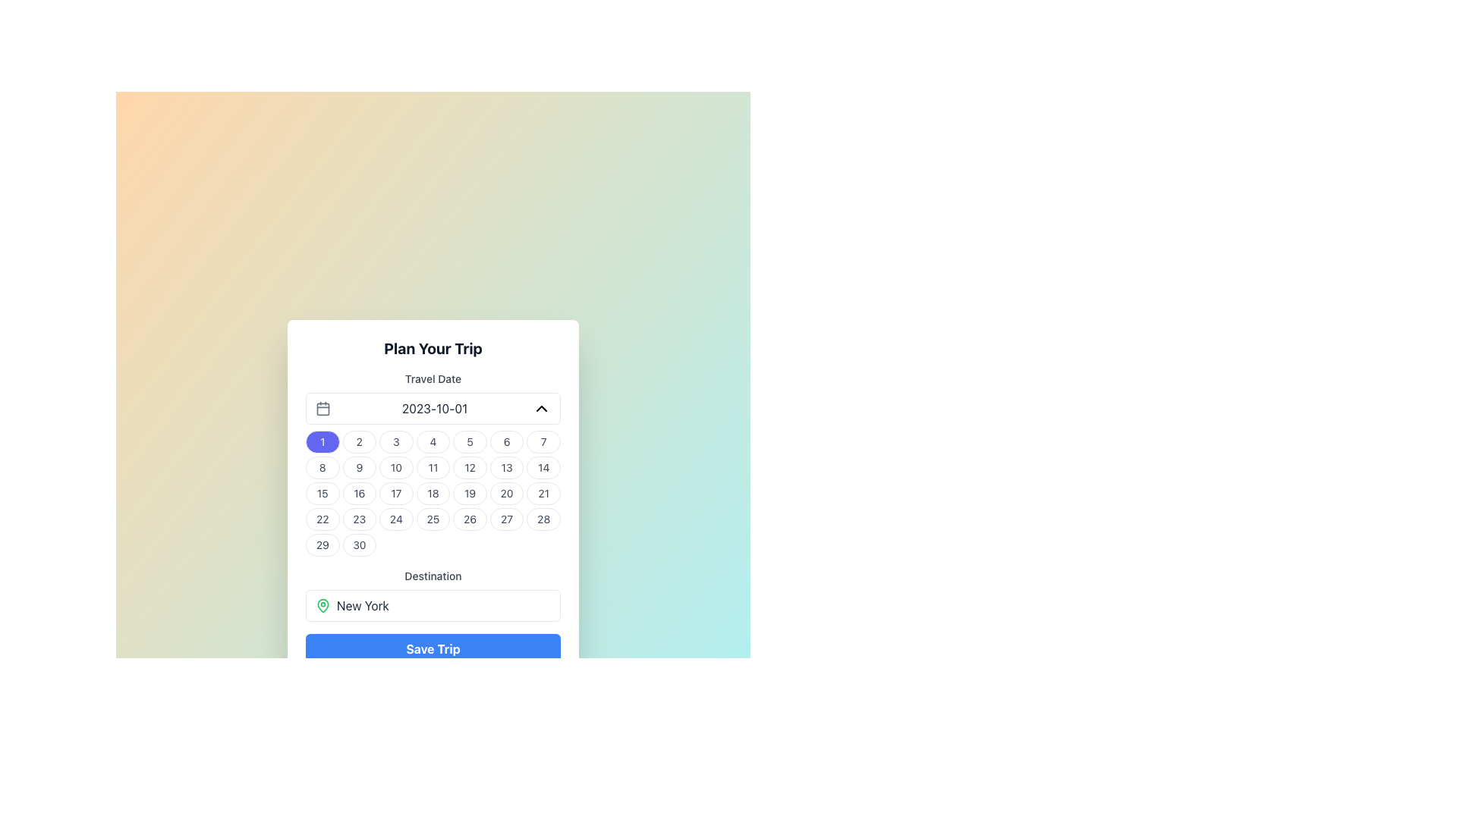  What do you see at coordinates (543, 441) in the screenshot?
I see `the button that selects the 7th day of the month in the calendar widget, located in the first row as the seventh button from the left` at bounding box center [543, 441].